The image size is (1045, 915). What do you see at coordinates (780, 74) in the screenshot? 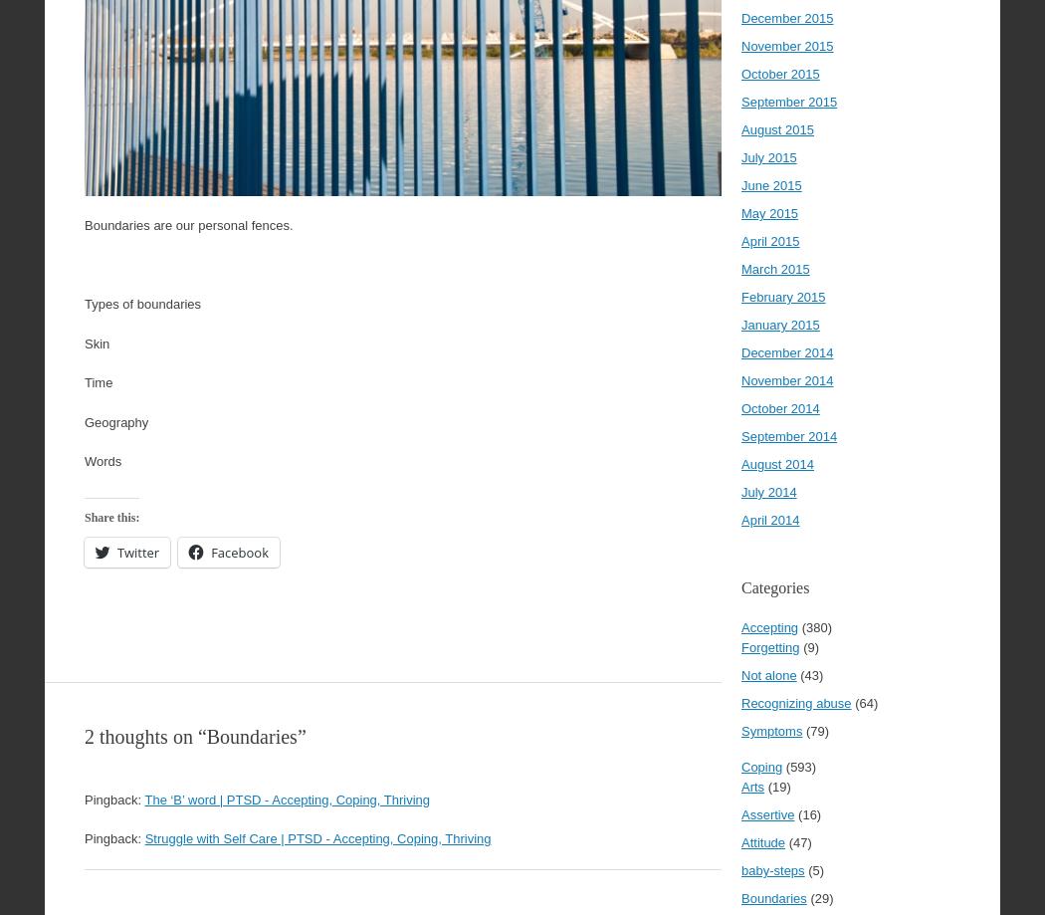
I see `'October 2015'` at bounding box center [780, 74].